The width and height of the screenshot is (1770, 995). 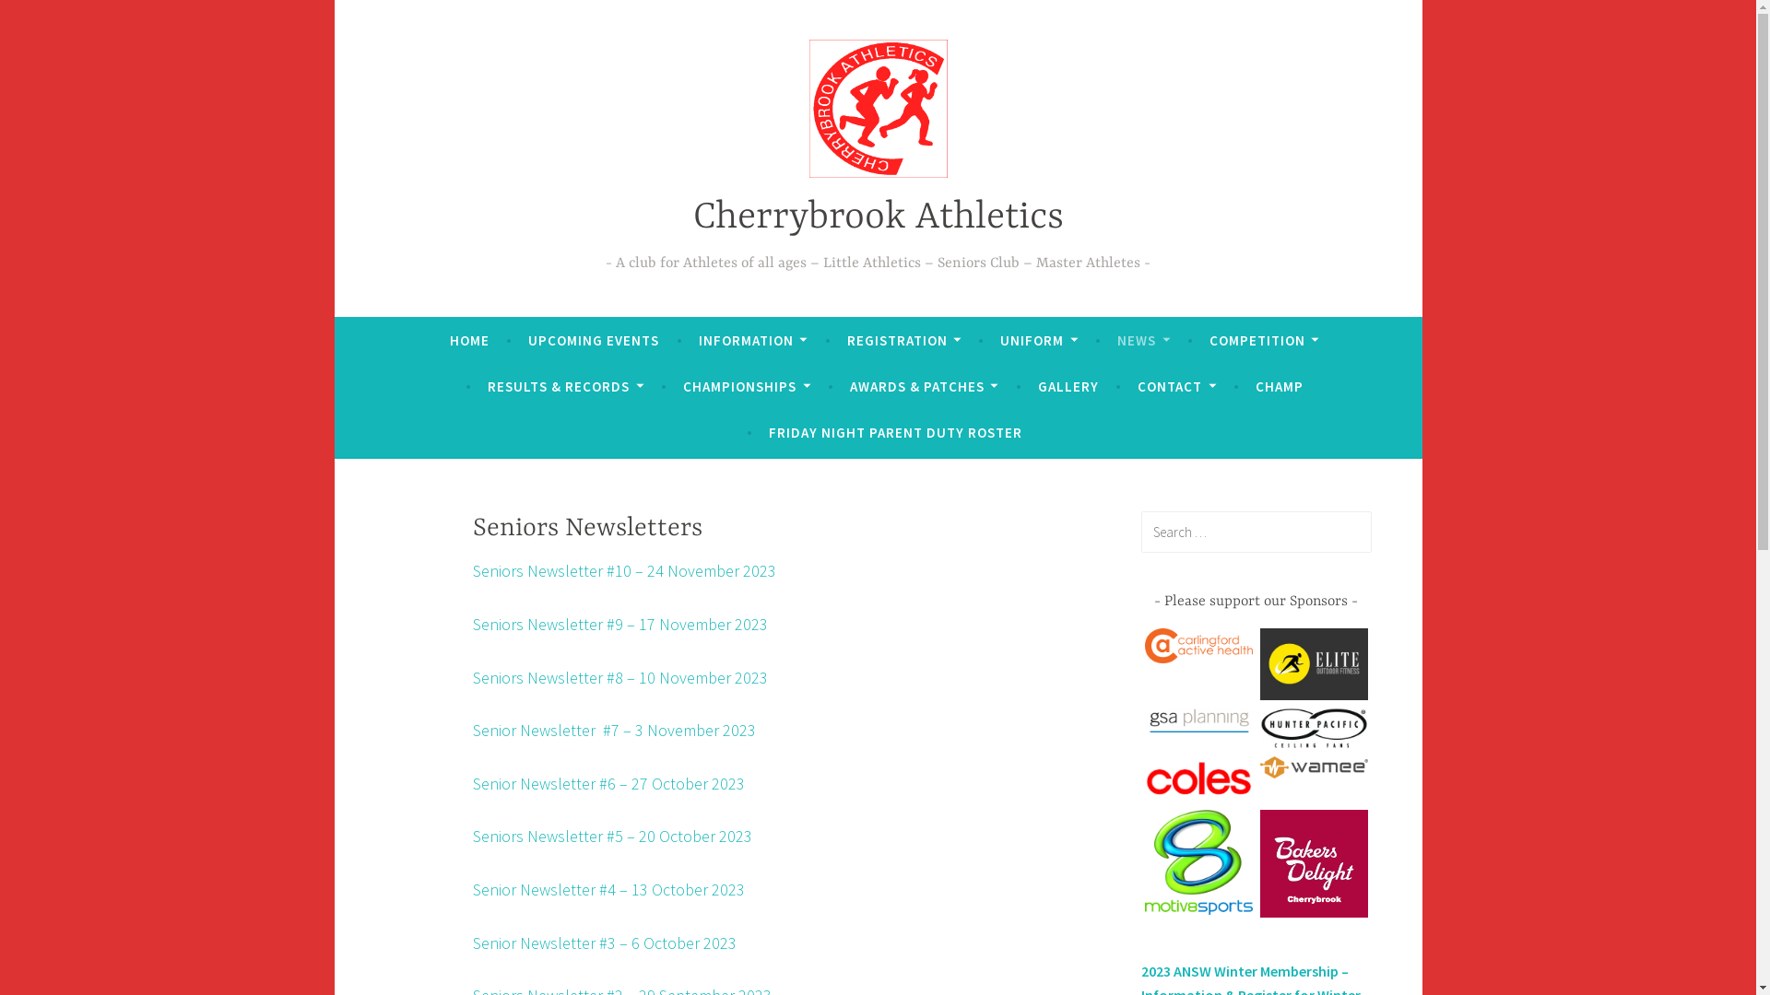 What do you see at coordinates (1115, 341) in the screenshot?
I see `'NEWS'` at bounding box center [1115, 341].